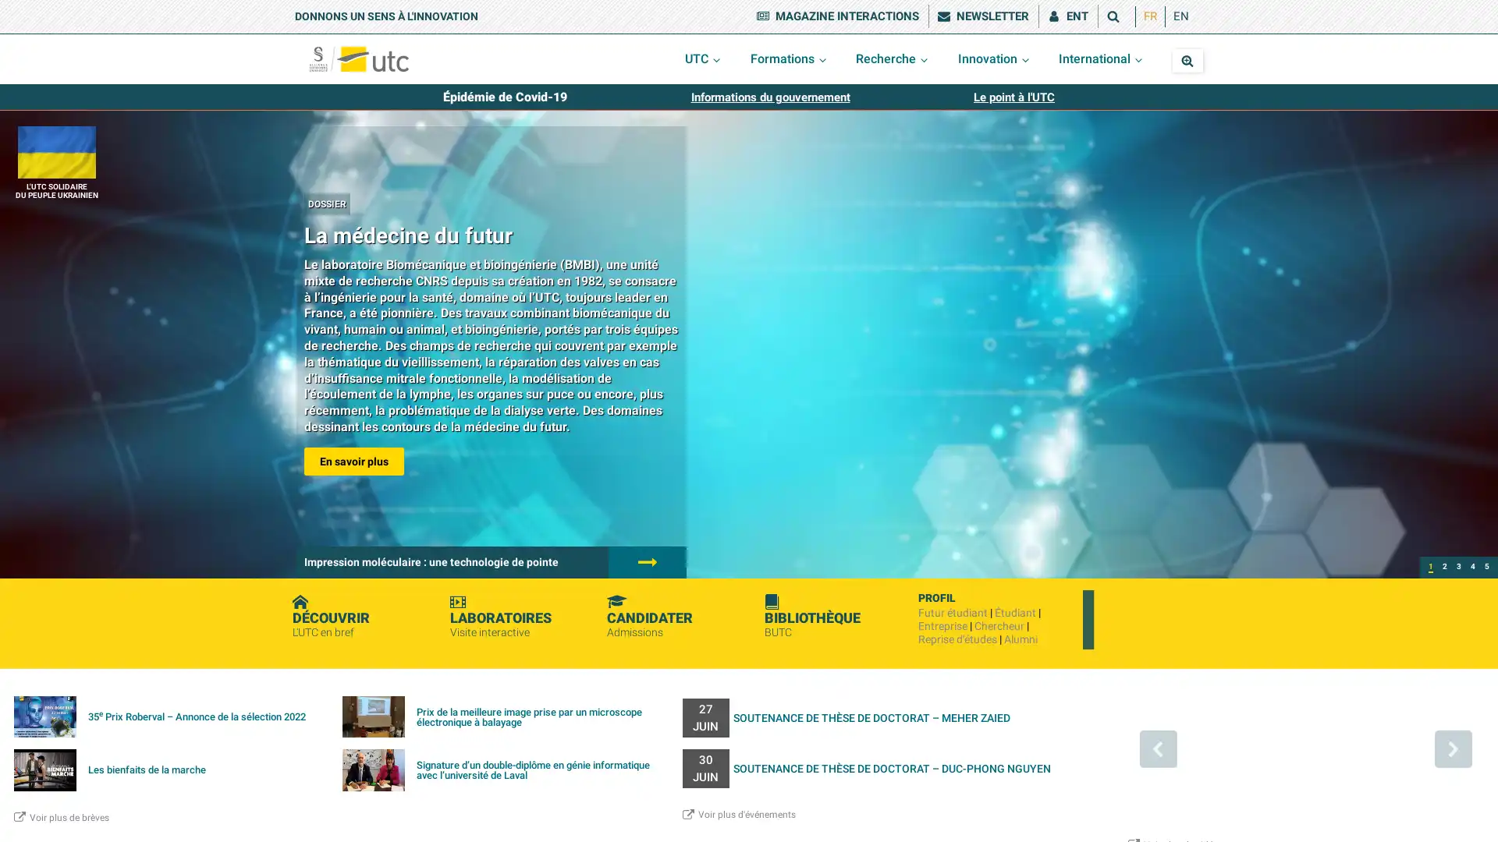 Image resolution: width=1498 pixels, height=842 pixels. I want to click on Signature dun accord de double diplome avec lUniversite Francaise dEgypte (UFE), so click(1486, 568).